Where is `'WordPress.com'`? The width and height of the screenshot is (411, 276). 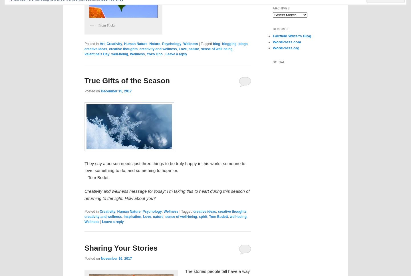 'WordPress.com' is located at coordinates (286, 42).